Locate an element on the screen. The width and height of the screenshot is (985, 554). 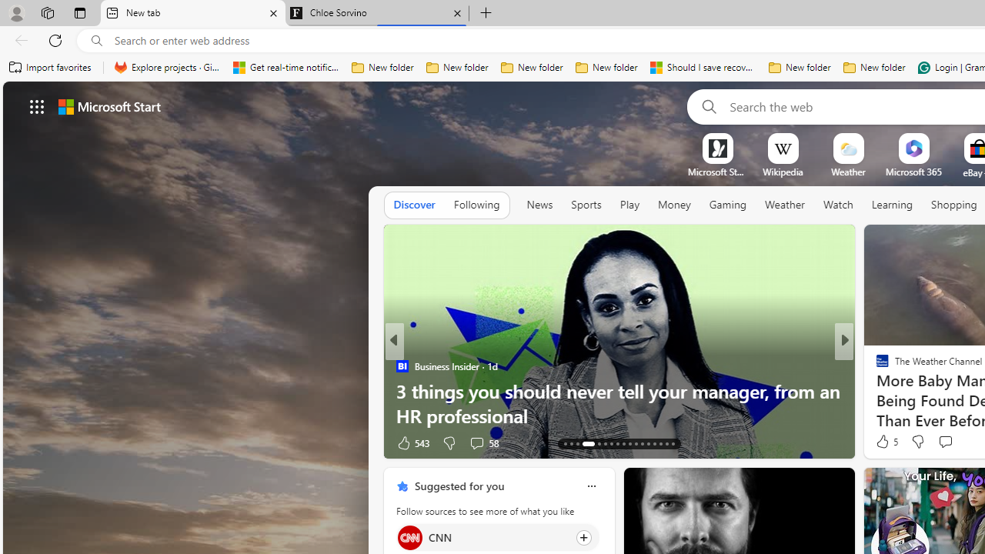
'Weather' is located at coordinates (785, 204).